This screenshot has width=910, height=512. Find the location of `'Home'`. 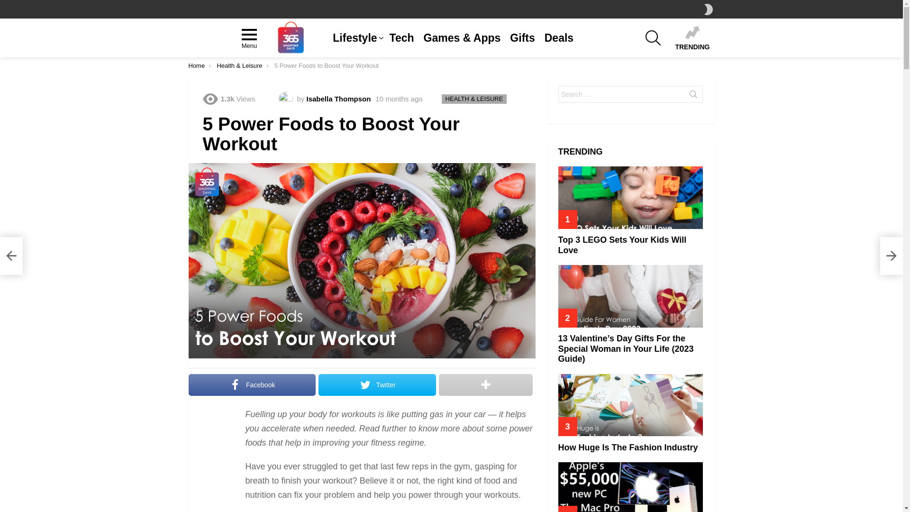

'Home' is located at coordinates (196, 65).